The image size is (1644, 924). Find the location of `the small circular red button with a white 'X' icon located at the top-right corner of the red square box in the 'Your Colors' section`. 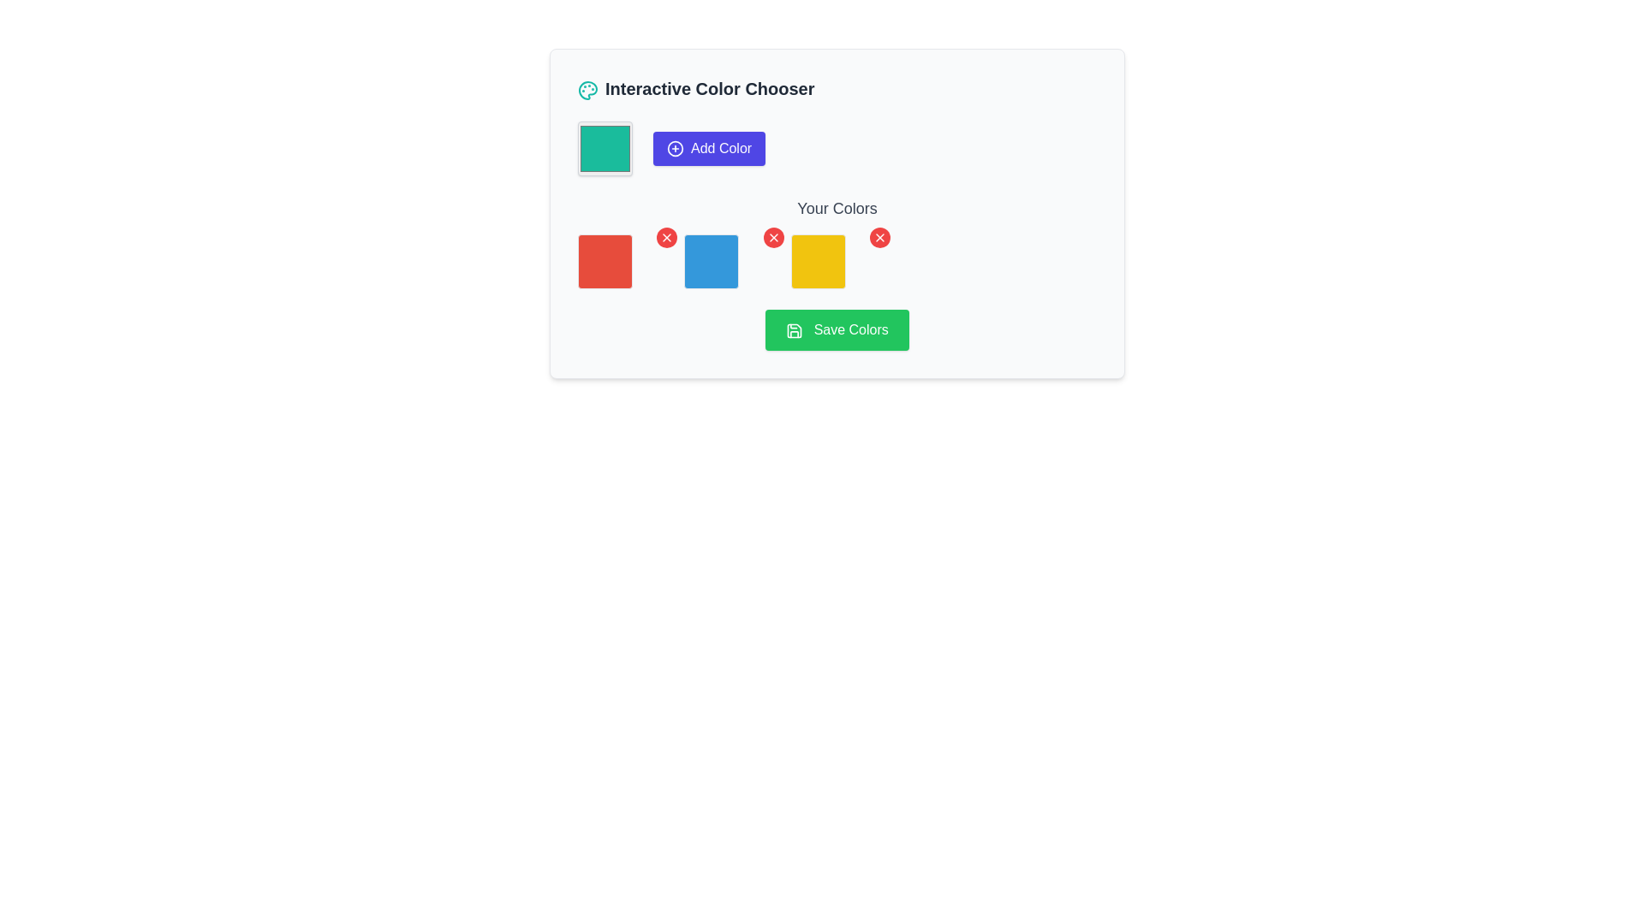

the small circular red button with a white 'X' icon located at the top-right corner of the red square box in the 'Your Colors' section is located at coordinates (666, 237).